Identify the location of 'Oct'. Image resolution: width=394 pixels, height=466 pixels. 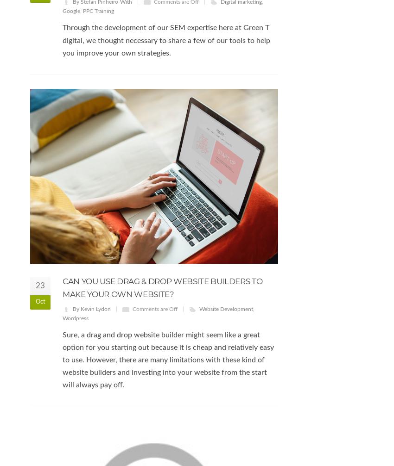
(39, 301).